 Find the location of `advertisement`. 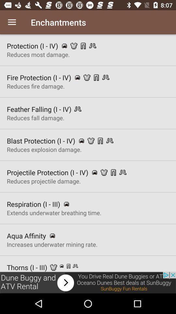

advertisement is located at coordinates (88, 282).